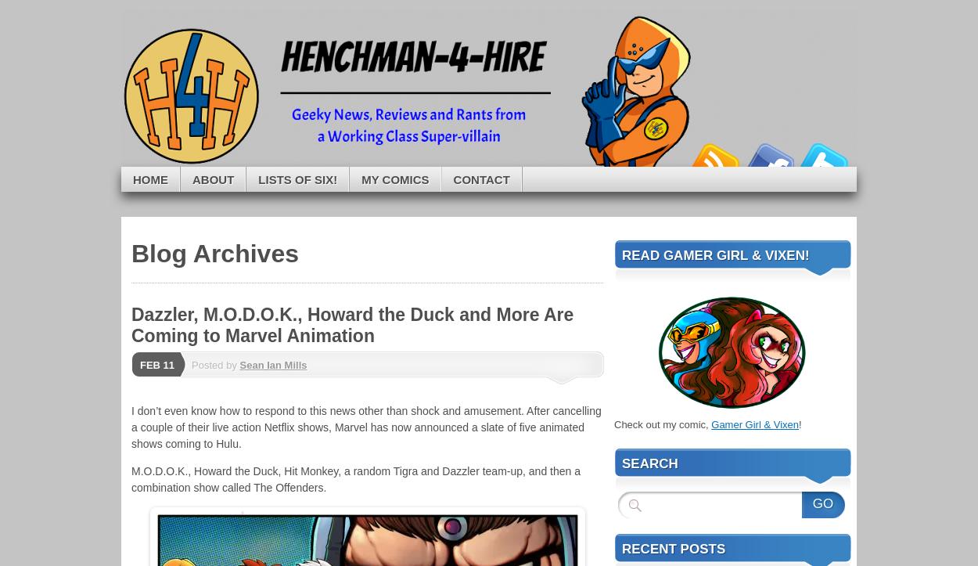  I want to click on 'Check out my comic,', so click(662, 424).